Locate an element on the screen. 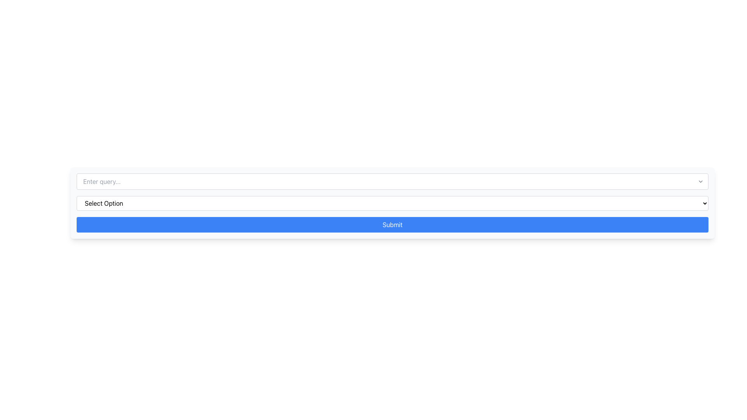  the dropdown menu with a white background and a gray outline is located at coordinates (392, 203).